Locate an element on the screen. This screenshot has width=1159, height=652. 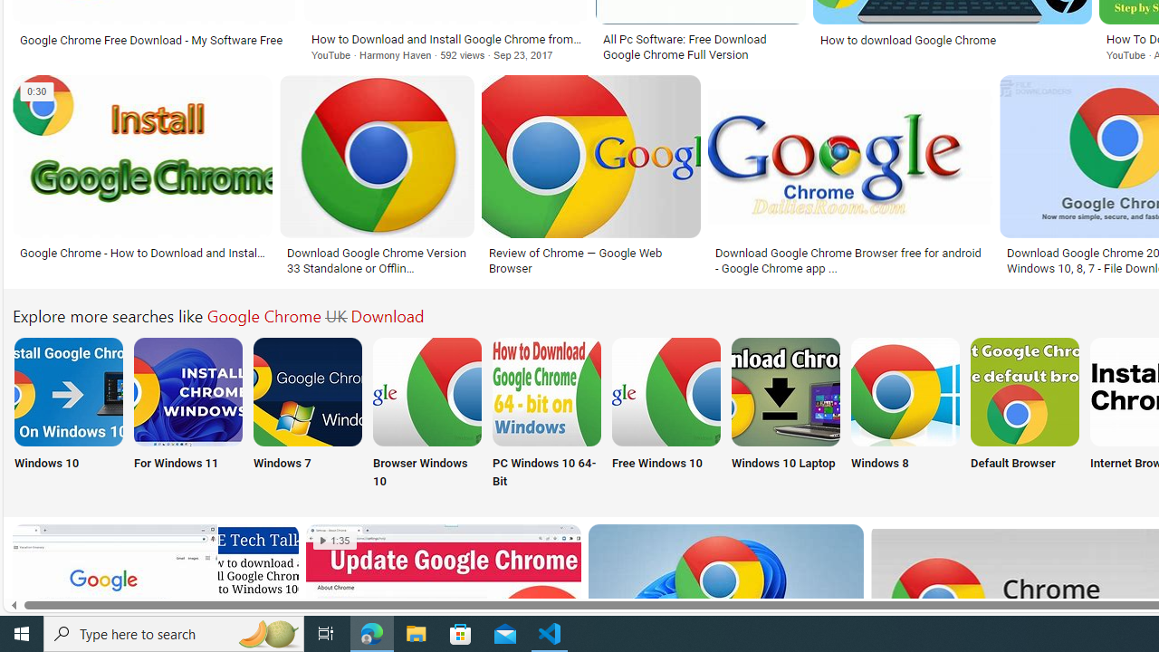
'Windows 7' is located at coordinates (307, 414).